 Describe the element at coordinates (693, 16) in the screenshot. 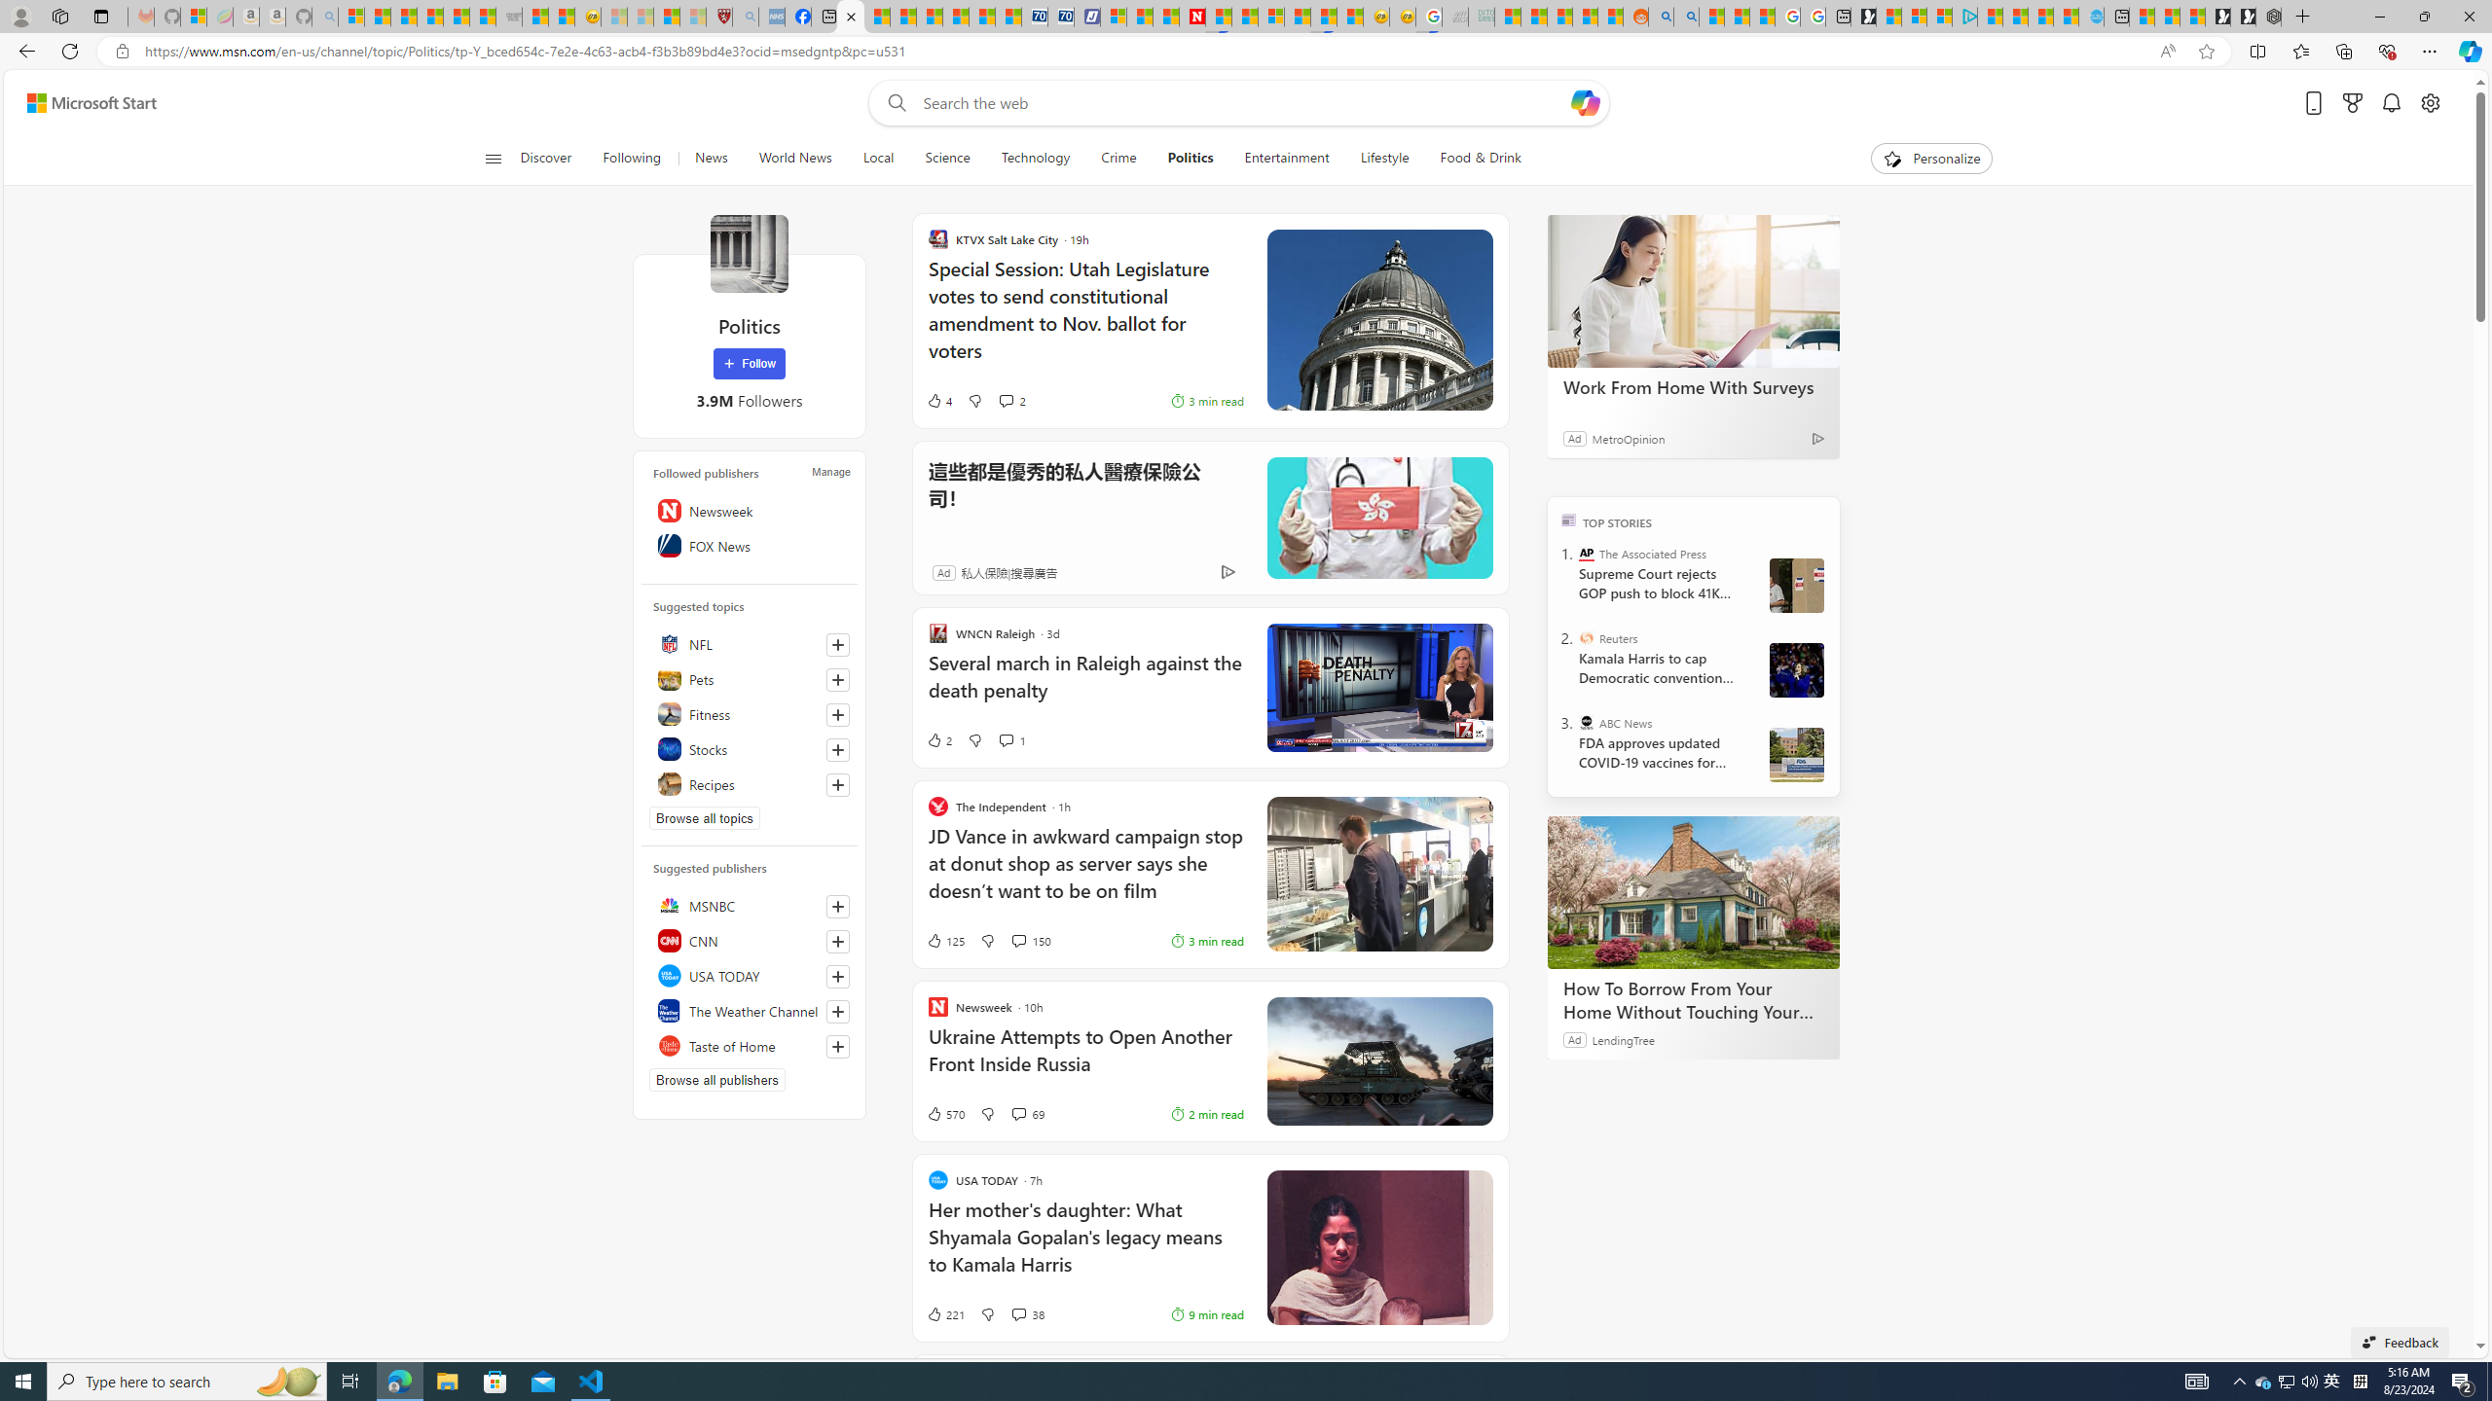

I see `'12 Popular Science Lies that Must be Corrected - Sleeping'` at that location.